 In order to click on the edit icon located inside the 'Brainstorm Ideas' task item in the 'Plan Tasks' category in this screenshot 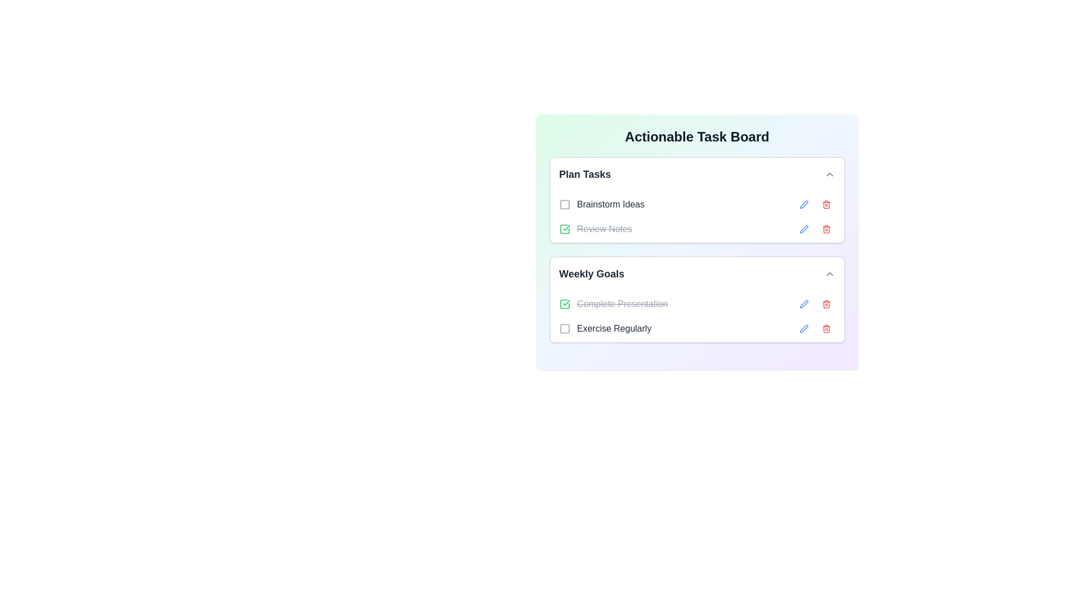, I will do `click(803, 205)`.